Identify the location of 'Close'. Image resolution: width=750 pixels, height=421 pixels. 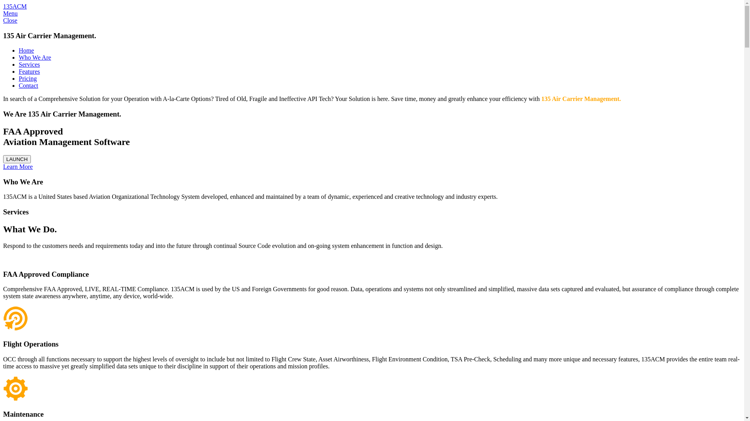
(10, 20).